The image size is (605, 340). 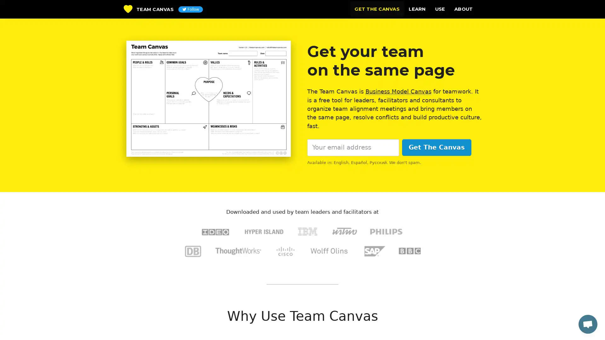 What do you see at coordinates (436, 147) in the screenshot?
I see `Get The Canvas` at bounding box center [436, 147].